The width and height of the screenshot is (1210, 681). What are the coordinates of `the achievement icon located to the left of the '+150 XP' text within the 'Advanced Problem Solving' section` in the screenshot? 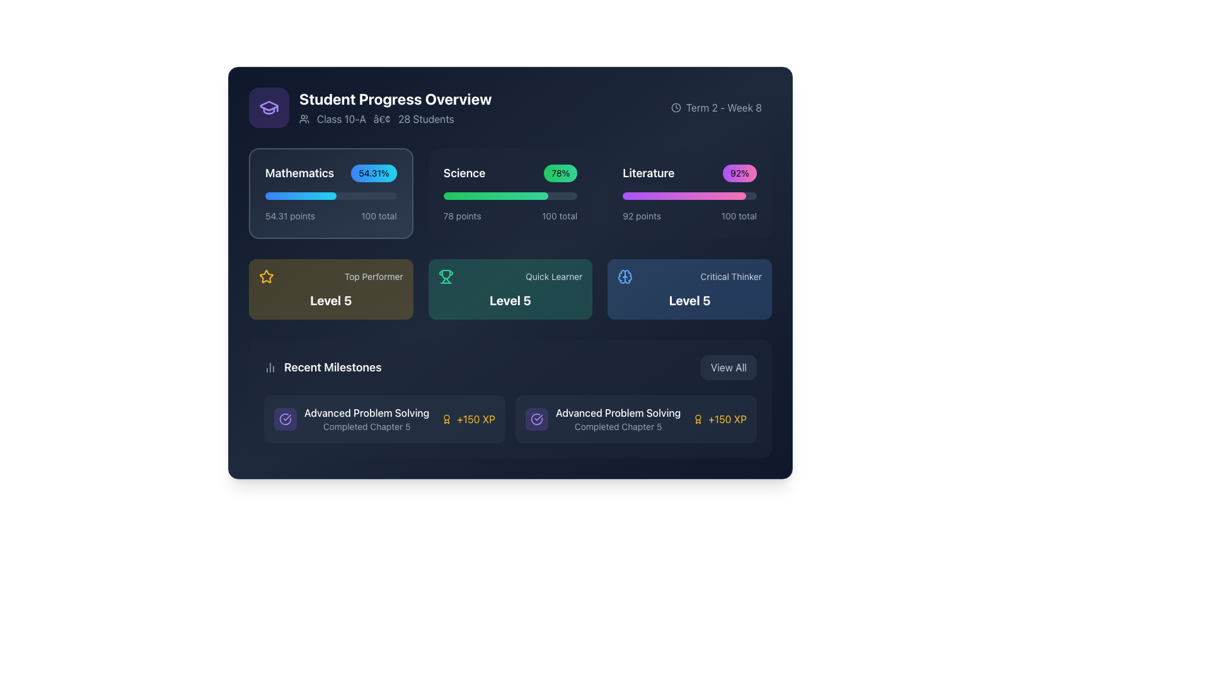 It's located at (698, 419).